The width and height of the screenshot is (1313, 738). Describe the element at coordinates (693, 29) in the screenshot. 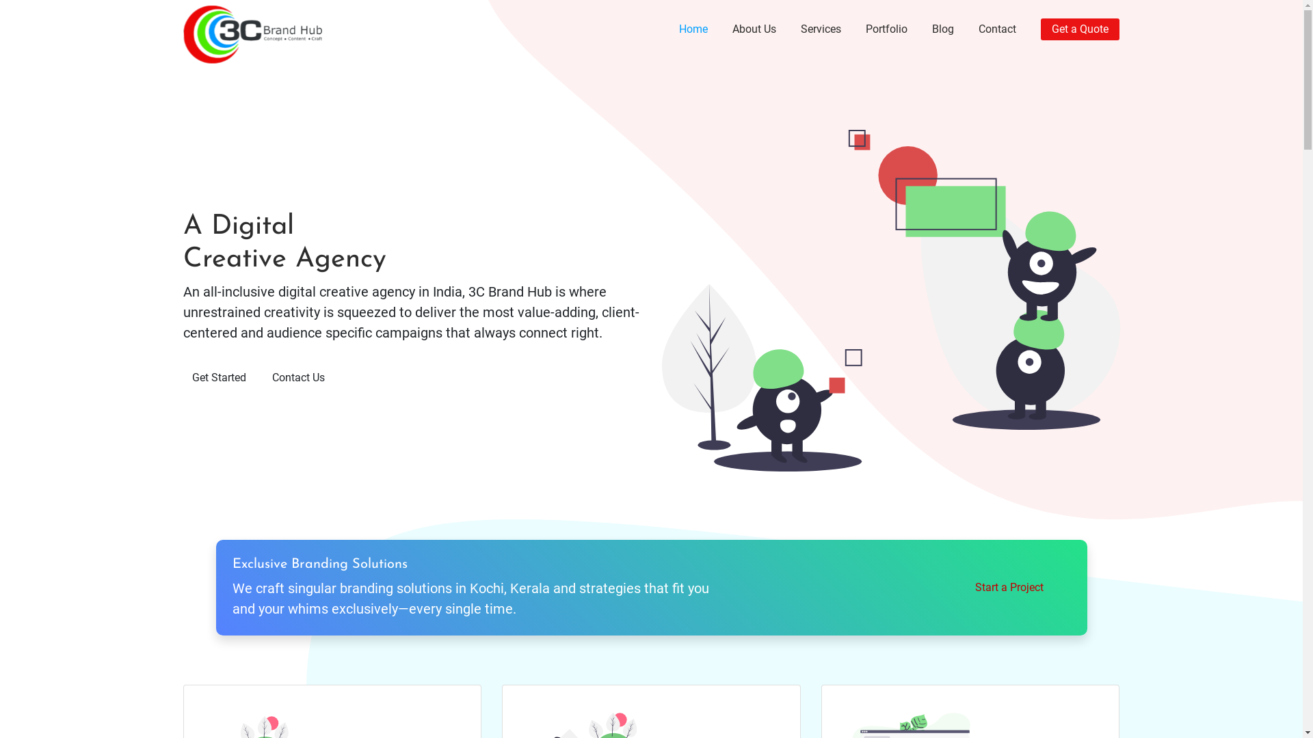

I see `'Home'` at that location.